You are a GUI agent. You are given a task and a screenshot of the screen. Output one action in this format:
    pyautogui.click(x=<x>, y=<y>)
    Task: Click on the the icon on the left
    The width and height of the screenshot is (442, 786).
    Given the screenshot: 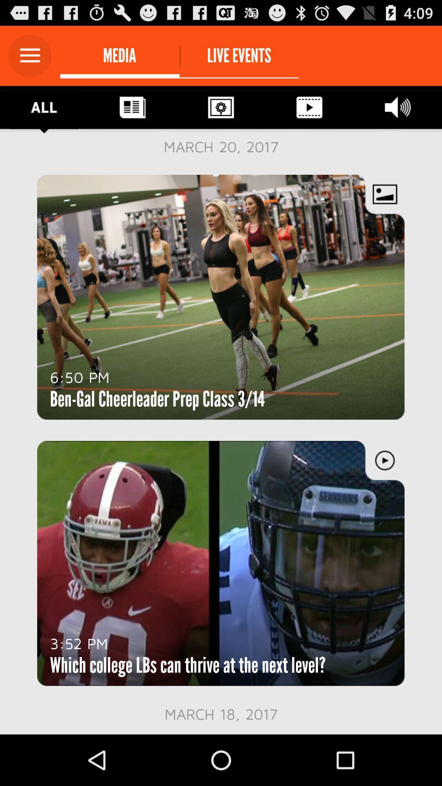 What is the action you would take?
    pyautogui.click(x=80, y=377)
    